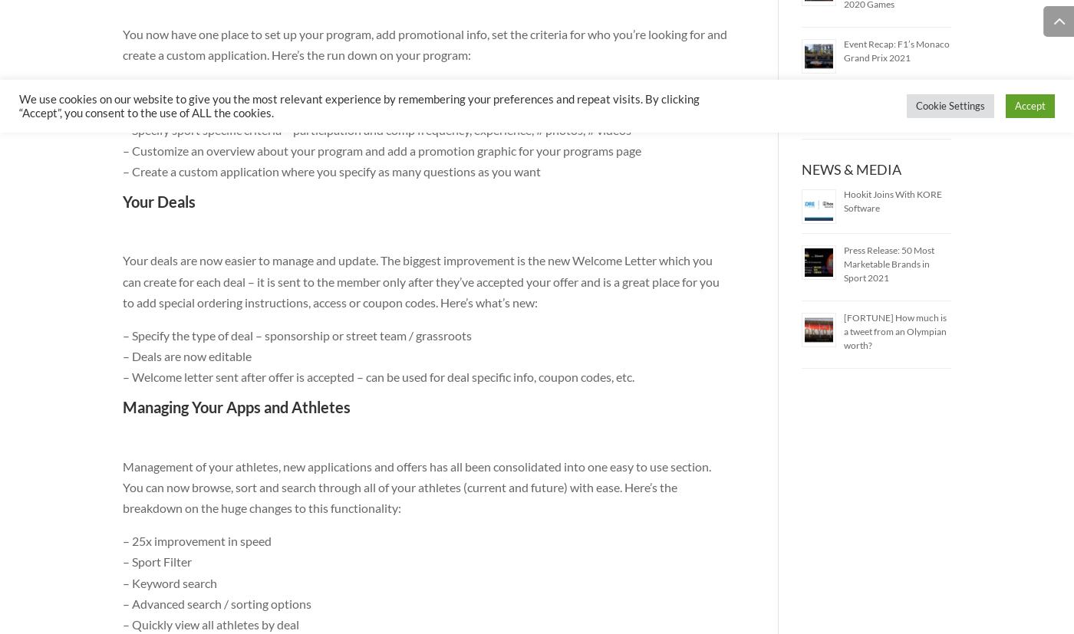 Image resolution: width=1074 pixels, height=634 pixels. I want to click on '– Keyword search', so click(170, 581).